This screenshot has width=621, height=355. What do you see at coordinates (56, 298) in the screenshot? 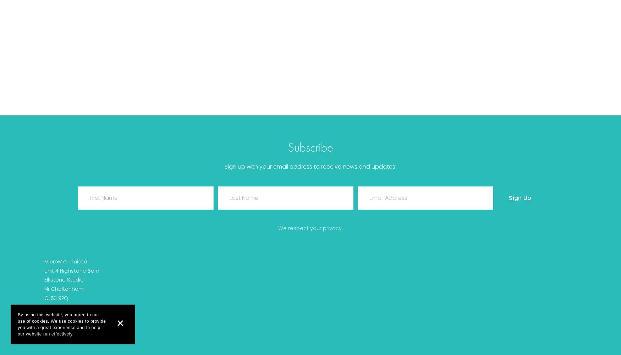
I see `'GL53 9PQ'` at bounding box center [56, 298].